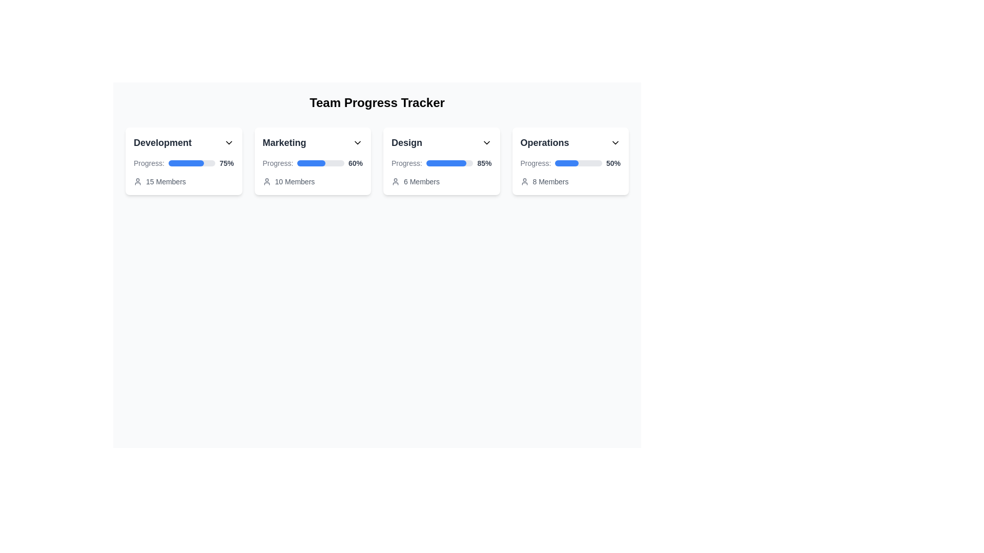 This screenshot has width=984, height=553. What do you see at coordinates (395, 181) in the screenshot?
I see `the gray human figure icon located to the left of the '6 Members' text within the 'Design' card component` at bounding box center [395, 181].